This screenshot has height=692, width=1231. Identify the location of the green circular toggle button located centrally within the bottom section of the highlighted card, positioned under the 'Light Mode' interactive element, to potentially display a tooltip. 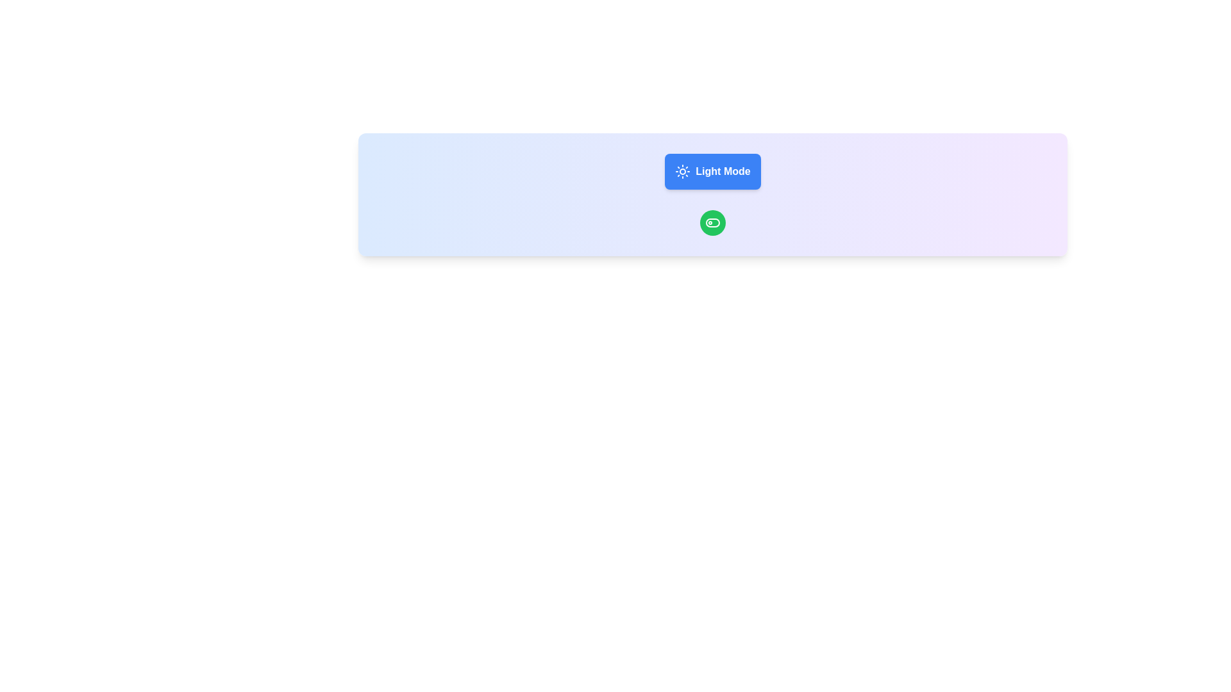
(712, 222).